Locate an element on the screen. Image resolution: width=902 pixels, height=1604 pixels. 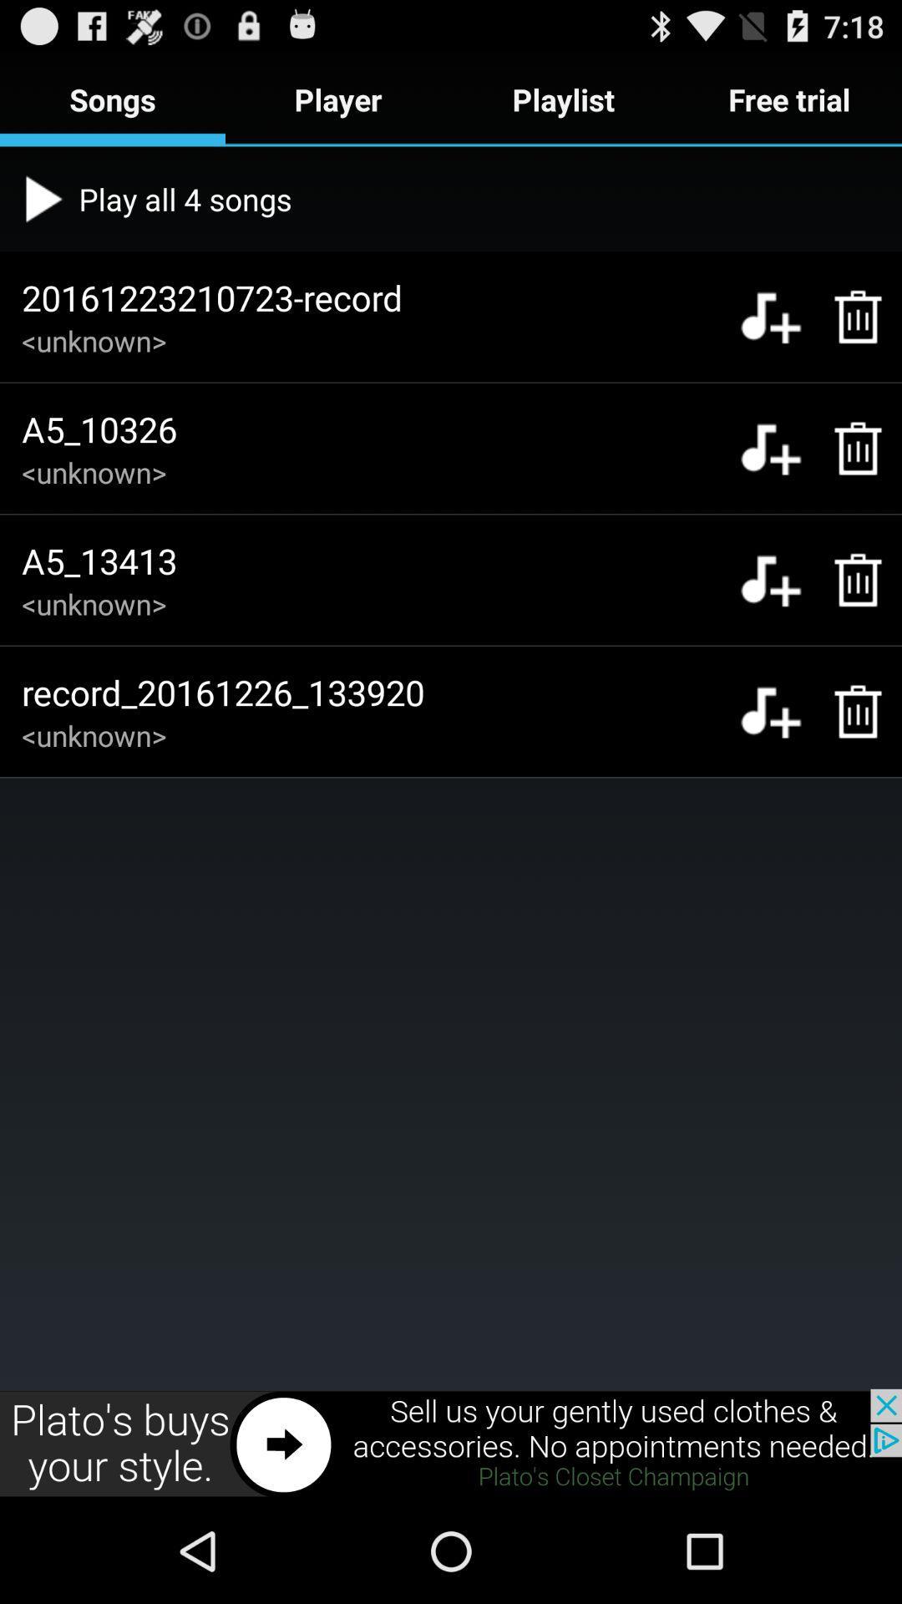
set the ringtone is located at coordinates (770, 711).